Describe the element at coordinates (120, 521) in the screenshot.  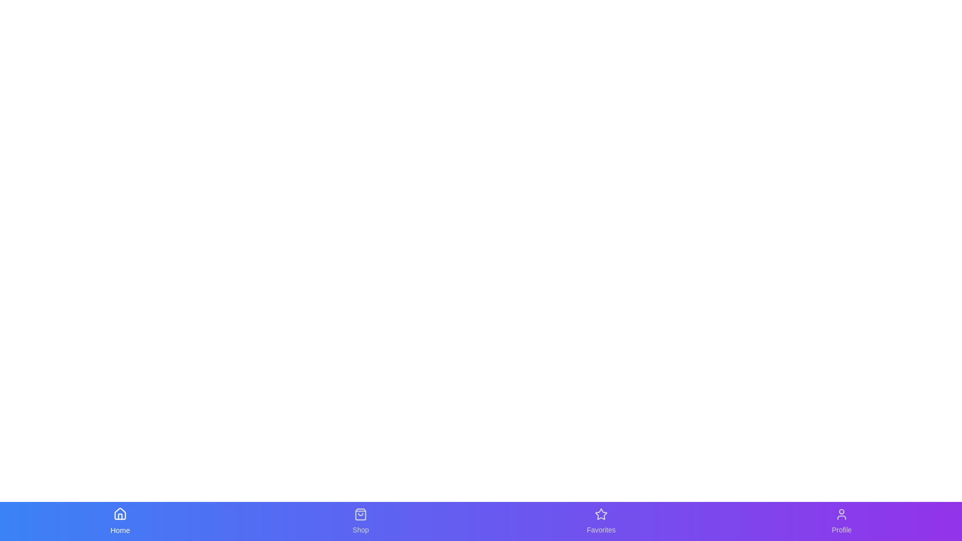
I see `the tab labeled Home to navigate to its associated page` at that location.